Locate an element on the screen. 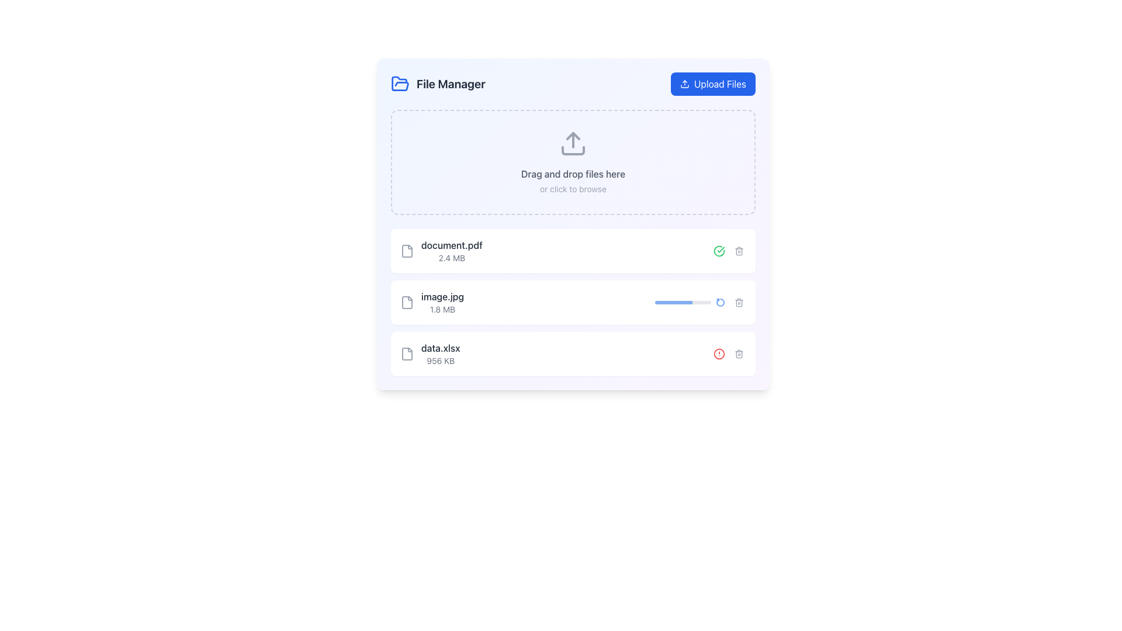  the 'File Manager' text label, which is styled in bold black font and positioned beside a blue folder icon in the top-left section of the interface is located at coordinates (450, 83).